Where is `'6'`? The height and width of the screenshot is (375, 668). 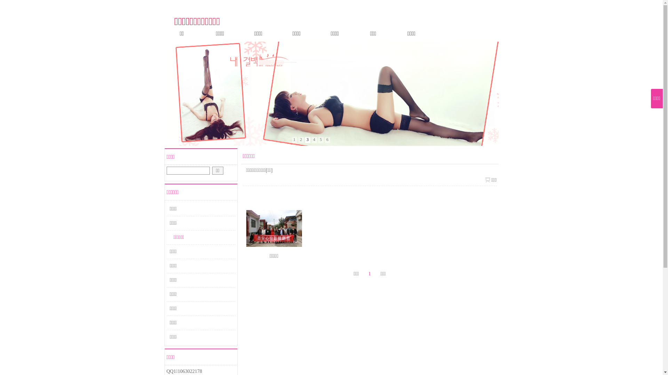
'6' is located at coordinates (327, 140).